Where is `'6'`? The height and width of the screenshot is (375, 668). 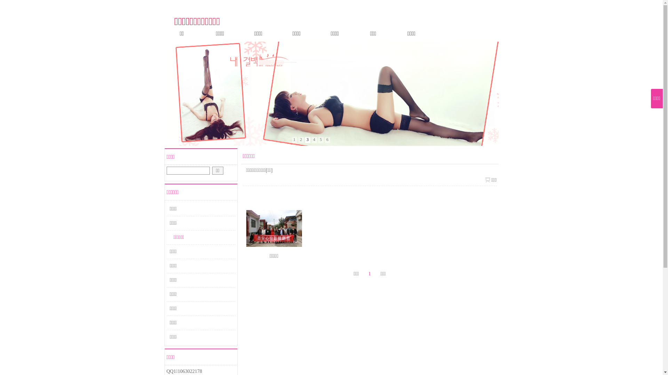
'6' is located at coordinates (327, 140).